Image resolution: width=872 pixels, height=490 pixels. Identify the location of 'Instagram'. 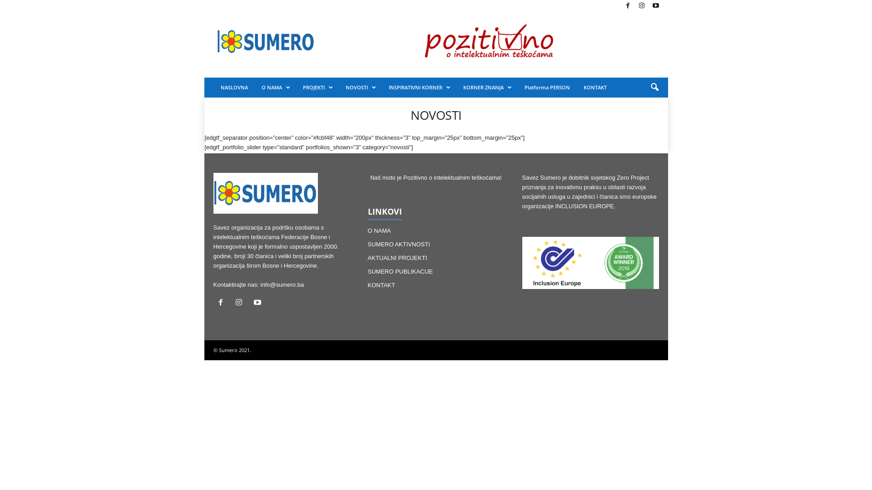
(641, 6).